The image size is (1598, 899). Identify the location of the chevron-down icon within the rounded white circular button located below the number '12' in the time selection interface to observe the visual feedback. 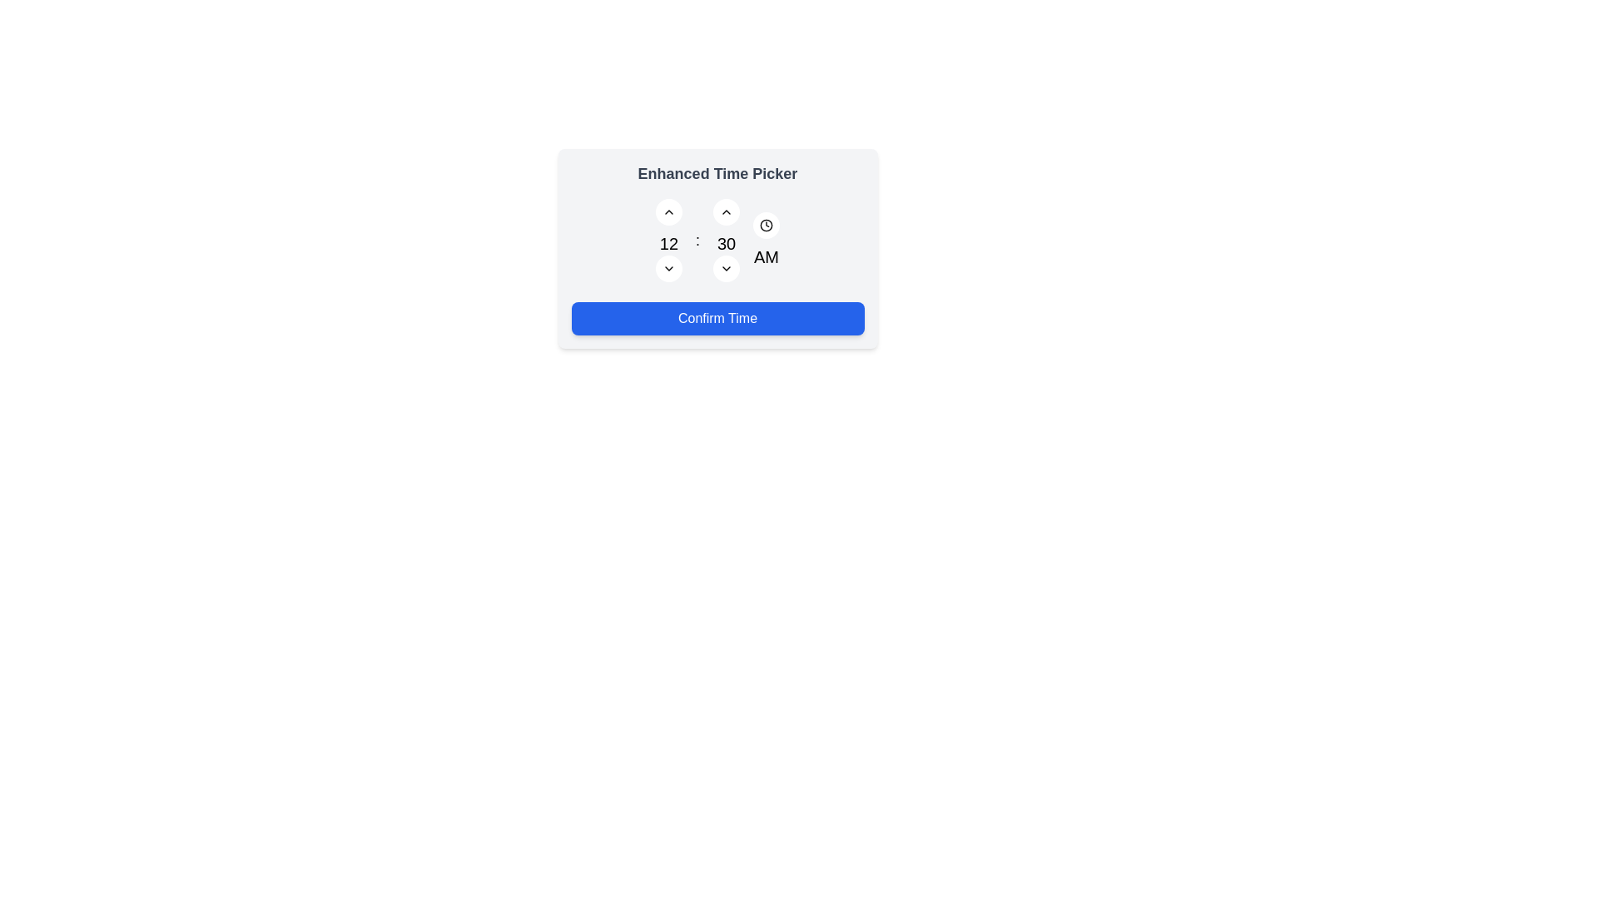
(668, 268).